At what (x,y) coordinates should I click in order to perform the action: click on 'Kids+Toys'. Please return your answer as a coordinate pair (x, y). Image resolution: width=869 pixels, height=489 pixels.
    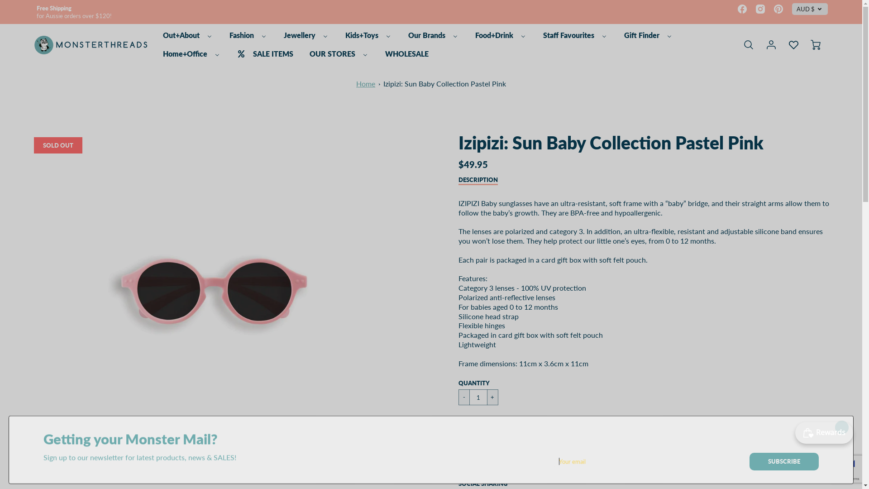
    Looking at the image, I should click on (343, 35).